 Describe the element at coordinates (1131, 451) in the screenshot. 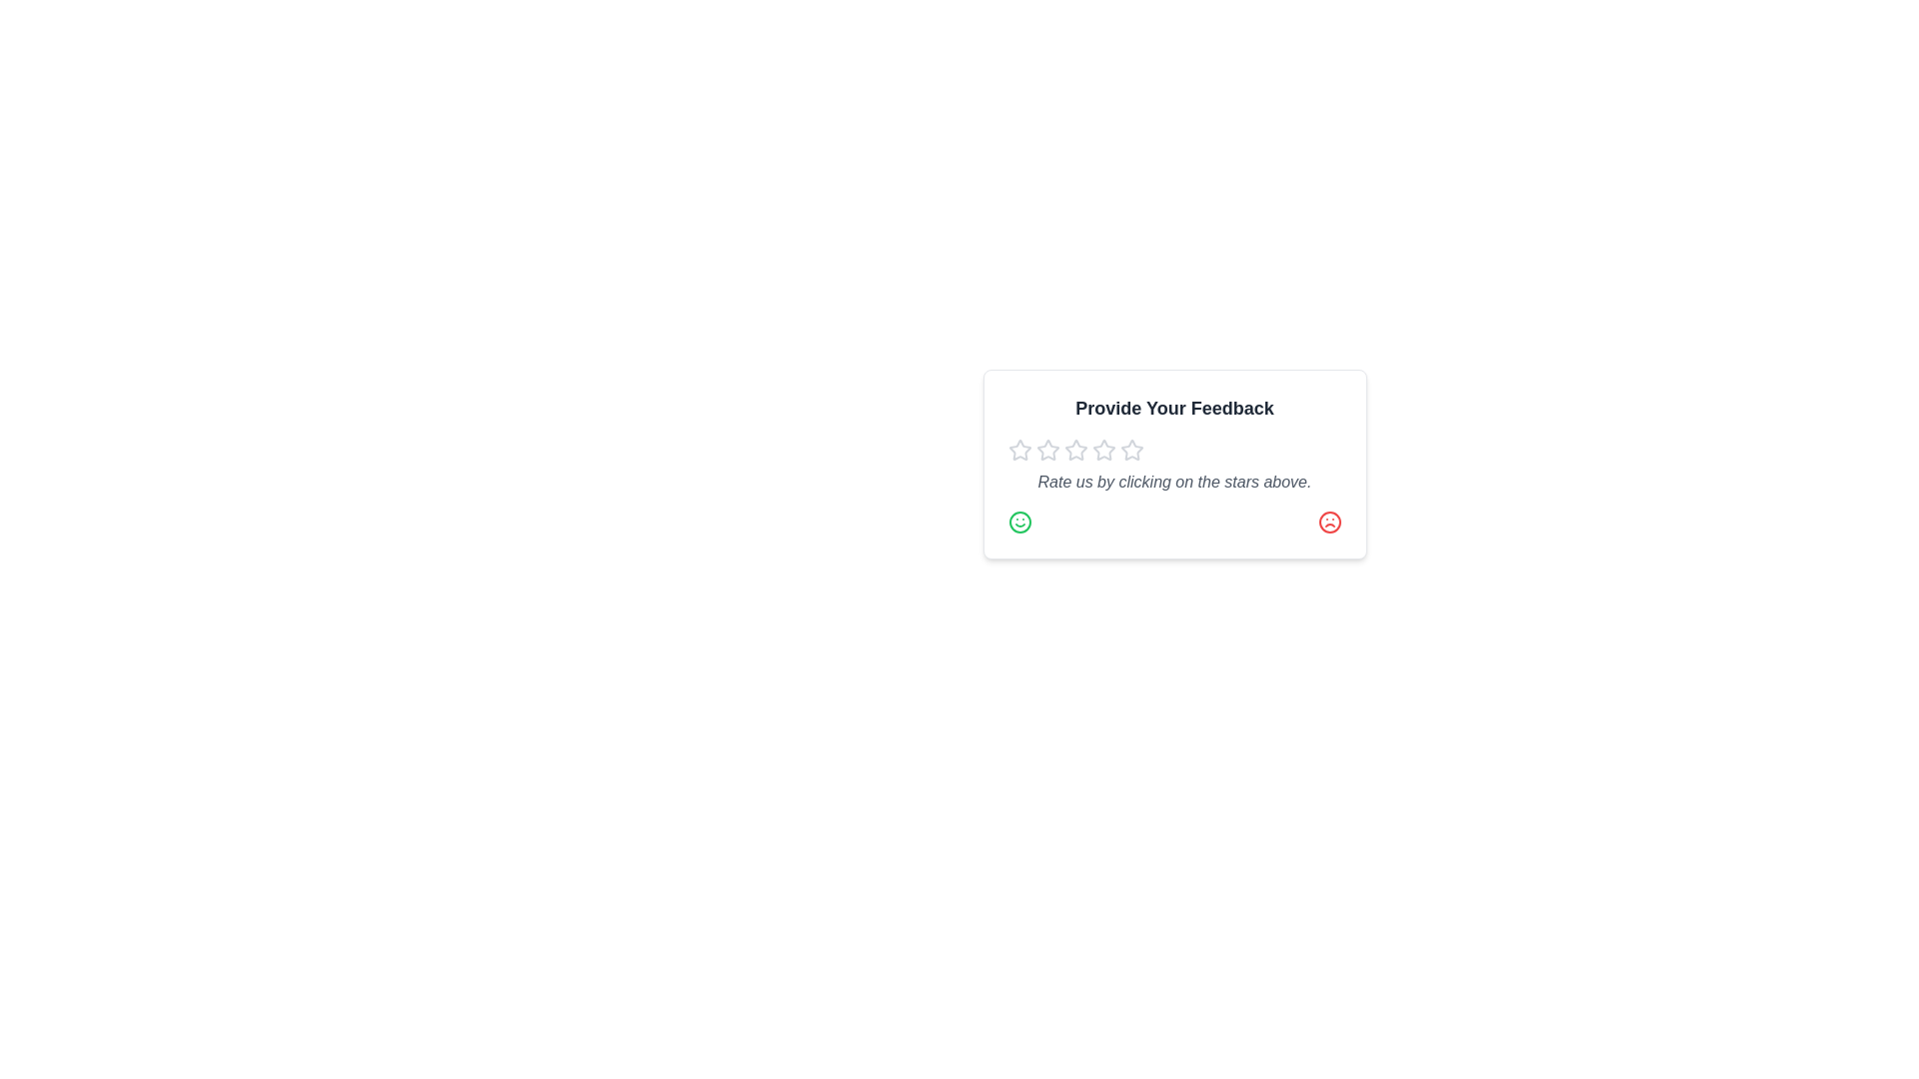

I see `the fifth star rating icon in the feedback interface by moving the cursor to its center point` at that location.